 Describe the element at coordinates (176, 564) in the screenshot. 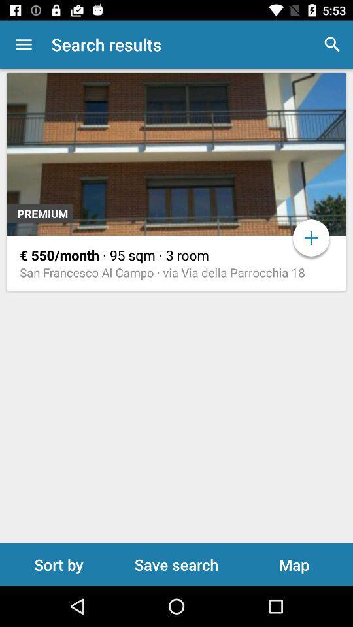

I see `the save search item` at that location.